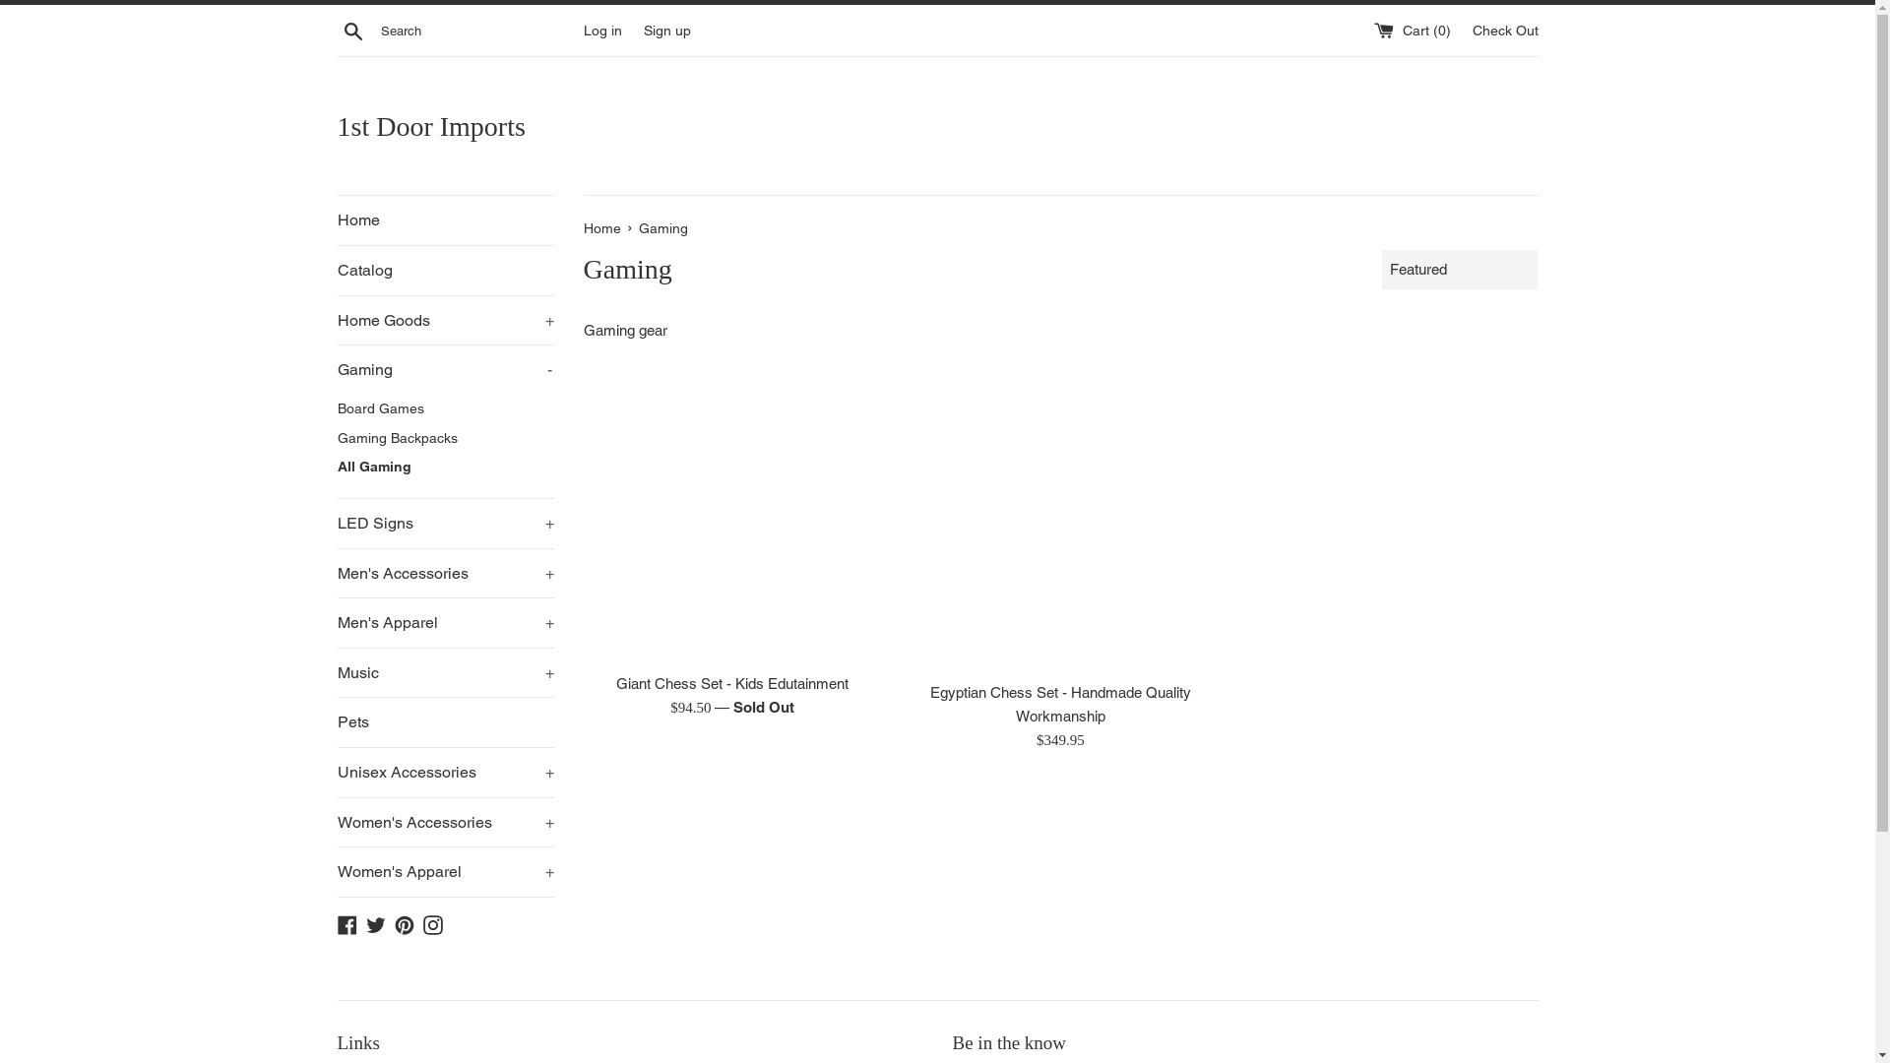 Image resolution: width=1890 pixels, height=1063 pixels. Describe the element at coordinates (336, 671) in the screenshot. I see `'Music` at that location.